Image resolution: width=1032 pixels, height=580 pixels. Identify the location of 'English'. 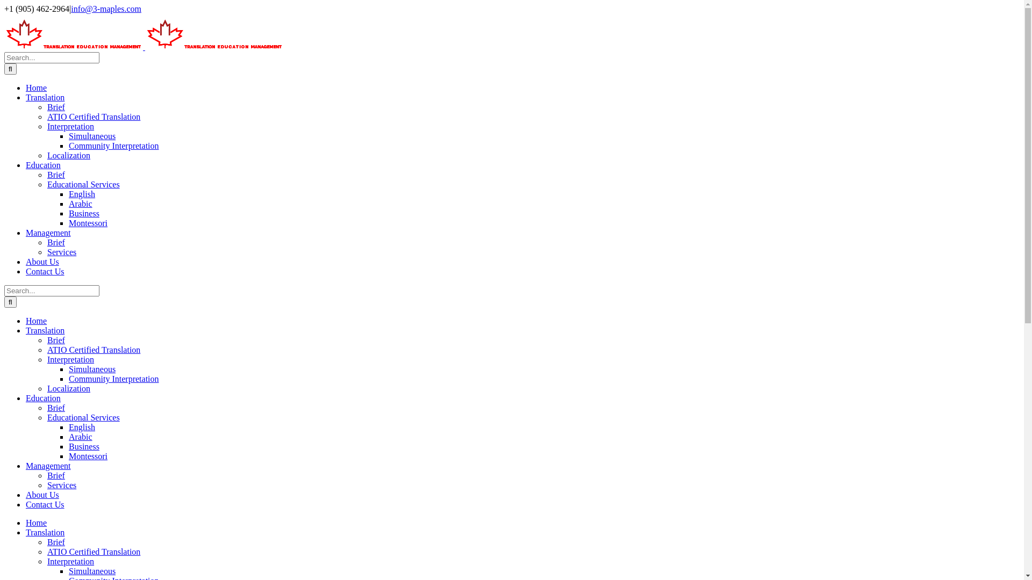
(68, 426).